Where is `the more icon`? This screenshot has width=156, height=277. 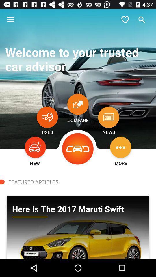 the more icon is located at coordinates (120, 147).